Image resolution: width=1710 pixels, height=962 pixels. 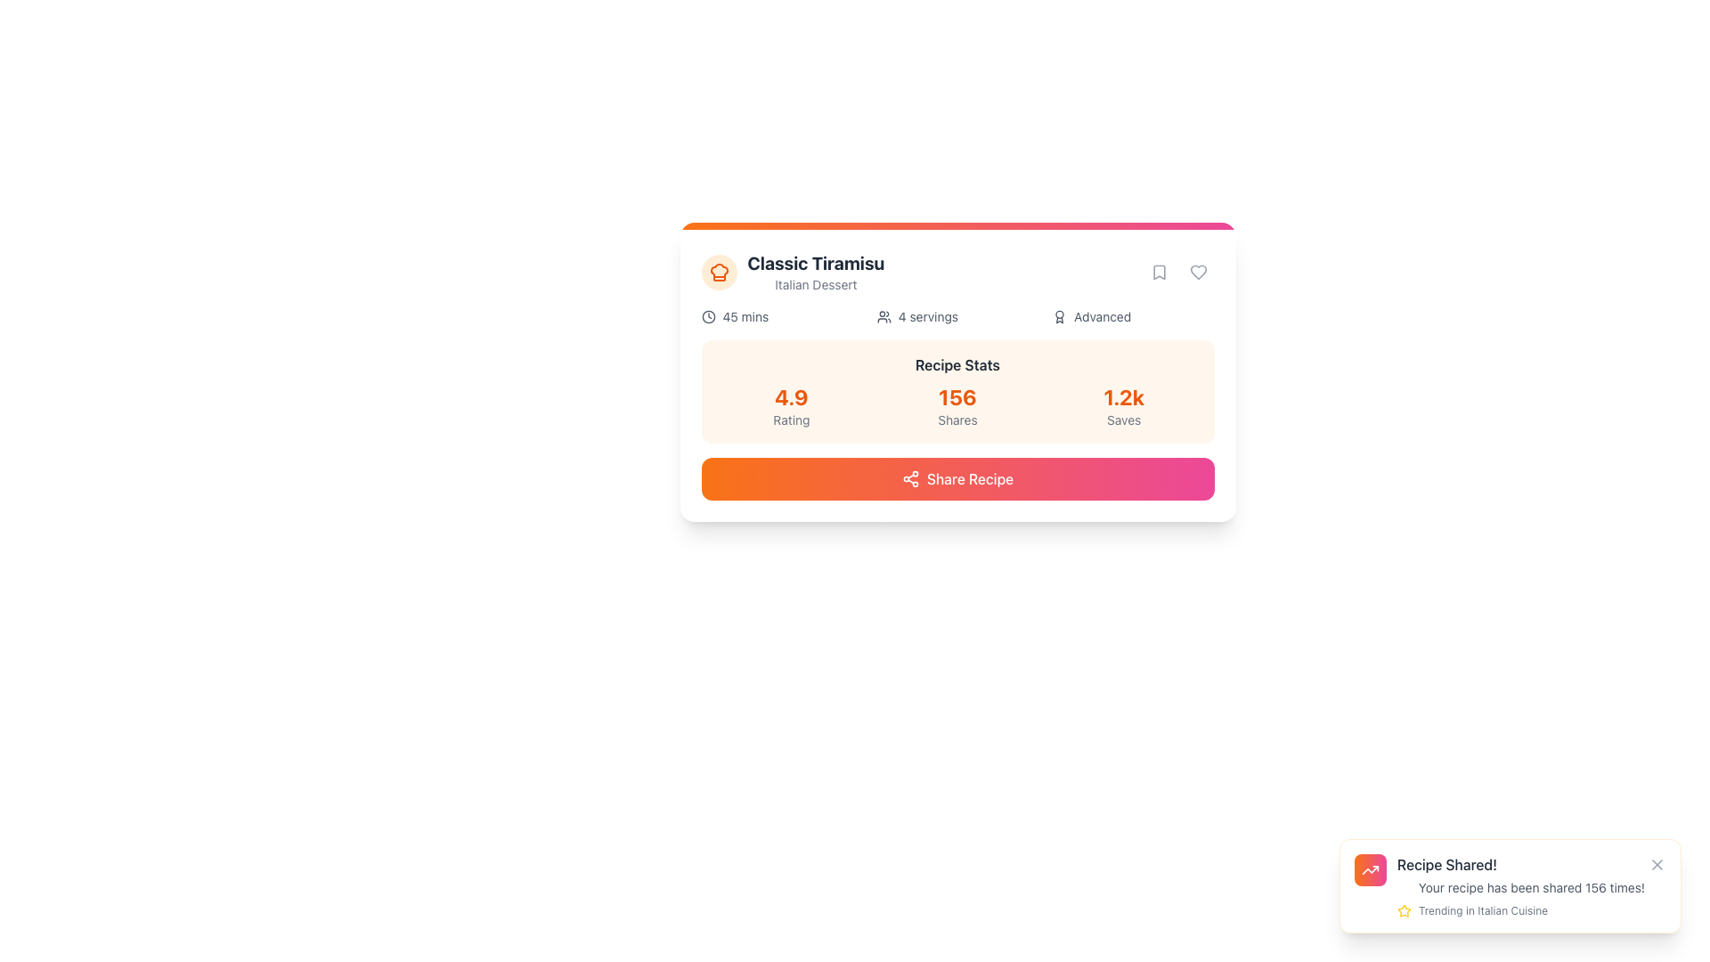 I want to click on the clock icon located near the text '45 mins', which is styled with simple lines and circles, and is black in color, so click(x=707, y=315).